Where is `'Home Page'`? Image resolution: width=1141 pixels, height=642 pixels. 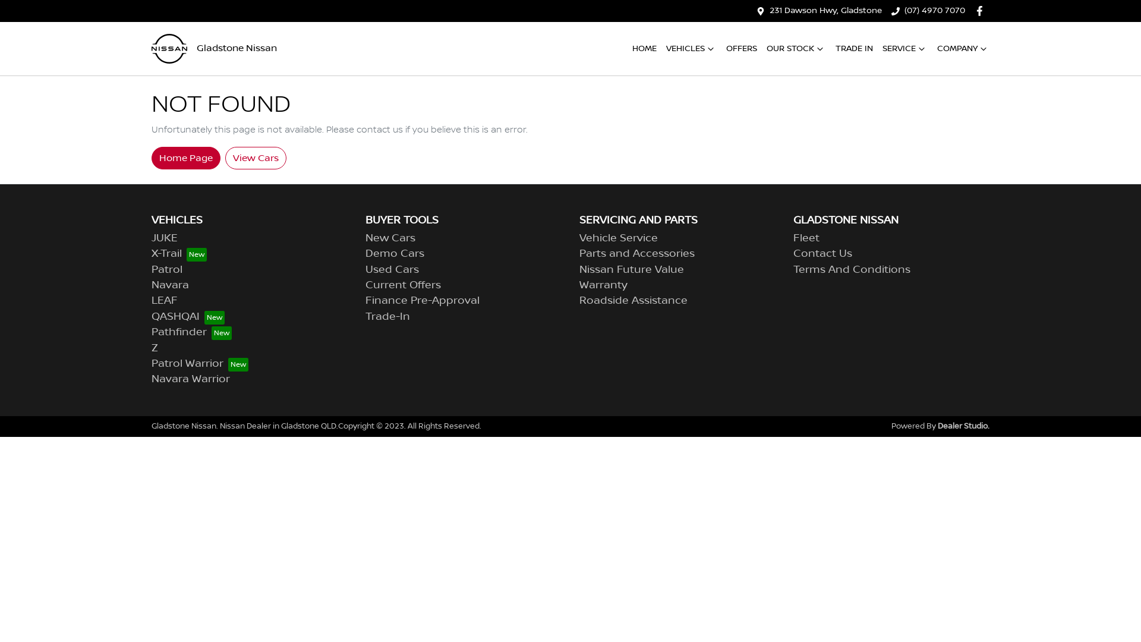 'Home Page' is located at coordinates (150, 157).